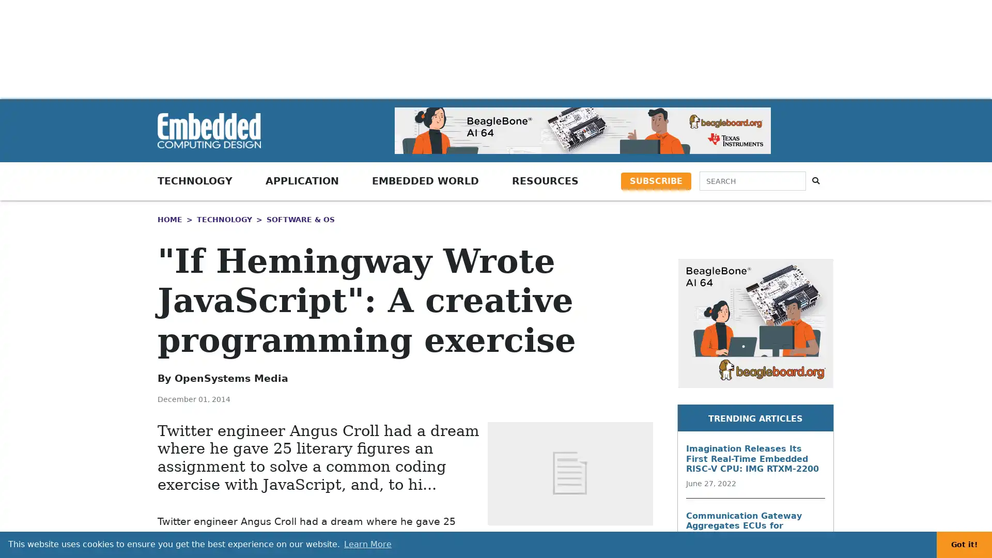 Image resolution: width=992 pixels, height=558 pixels. What do you see at coordinates (404, 384) in the screenshot?
I see `Share to More More` at bounding box center [404, 384].